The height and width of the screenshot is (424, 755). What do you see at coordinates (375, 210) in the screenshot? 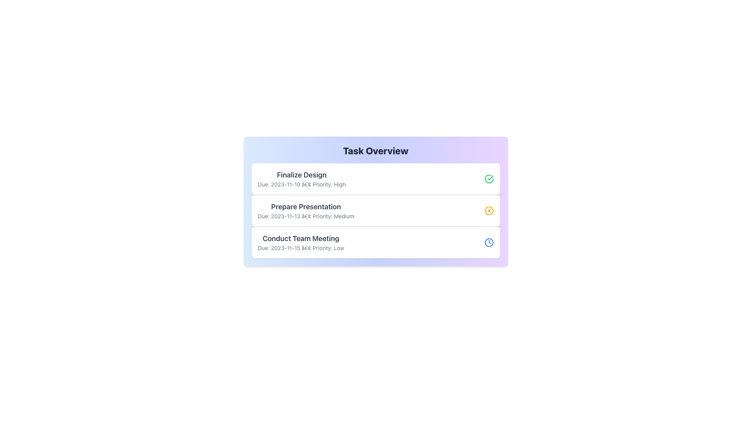
I see `the list item displaying the task 'Prepare Presentation' with due date '2023-11-13' and priority level 'Medium.'` at bounding box center [375, 210].